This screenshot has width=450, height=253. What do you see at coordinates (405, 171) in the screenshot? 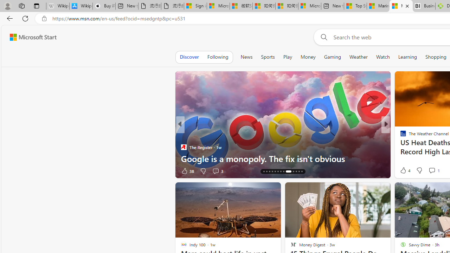
I see `'115 Like'` at bounding box center [405, 171].